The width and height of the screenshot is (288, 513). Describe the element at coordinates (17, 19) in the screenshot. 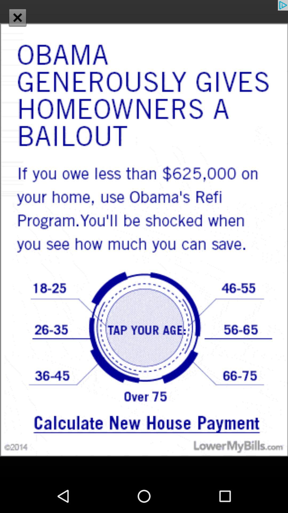

I see `the close icon` at that location.